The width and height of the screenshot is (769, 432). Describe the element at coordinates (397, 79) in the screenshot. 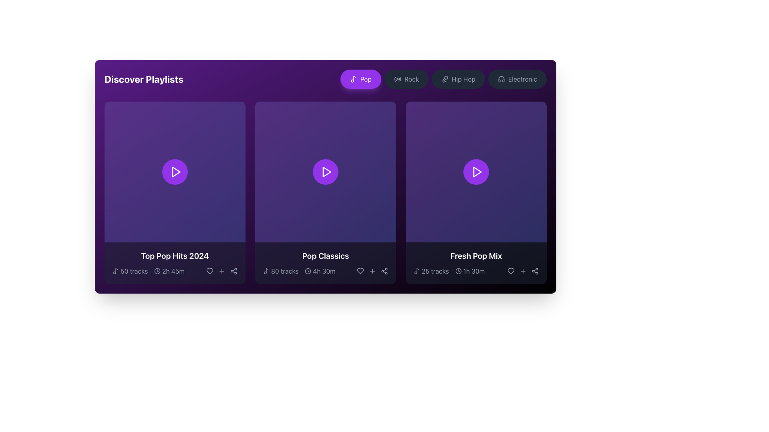

I see `the graphical icon representing 'radio' functionality located inside the 'Rock' button in the horizontal toolbar` at that location.